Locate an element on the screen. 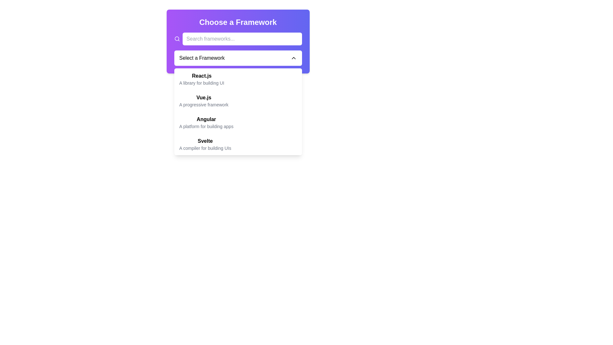 This screenshot has height=345, width=613. the text element 'Angular' in the dropdown menu under 'Choose a Framework' is located at coordinates (206, 123).